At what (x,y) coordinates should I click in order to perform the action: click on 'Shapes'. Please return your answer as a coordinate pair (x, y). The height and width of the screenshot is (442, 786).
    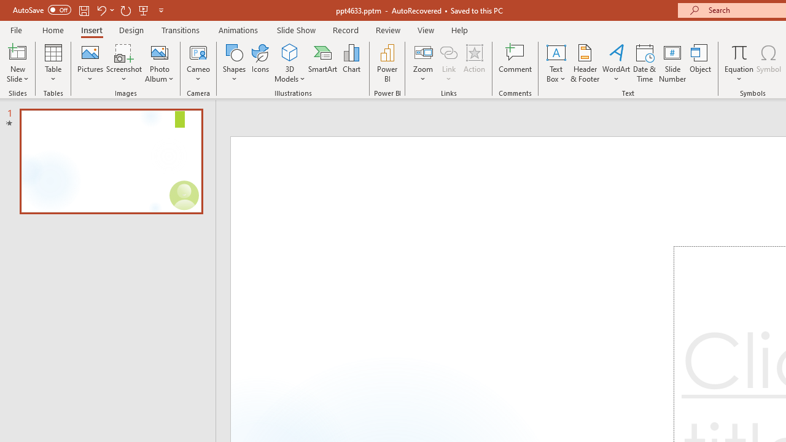
    Looking at the image, I should click on (235, 63).